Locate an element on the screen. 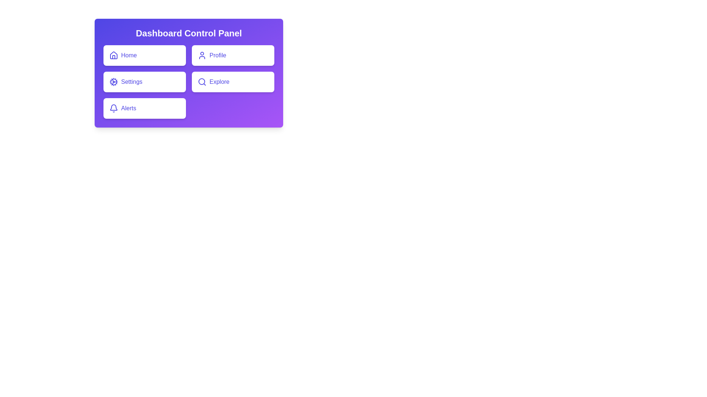 This screenshot has width=707, height=397. the search icon located within the 'Explore' button on the Dashboard Control Panel, positioned to the left of the text label 'Explore' is located at coordinates (202, 82).